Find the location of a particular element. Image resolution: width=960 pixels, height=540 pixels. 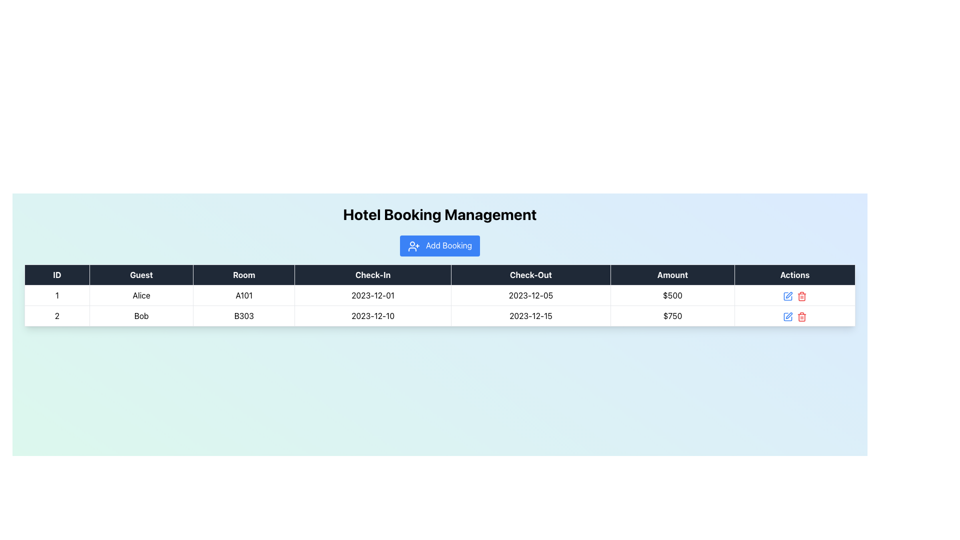

the Text Display Cell that contains the text '$500', which is the sixth cell in the first row of a table displaying booking details for the guest 'Alice' is located at coordinates (672, 294).